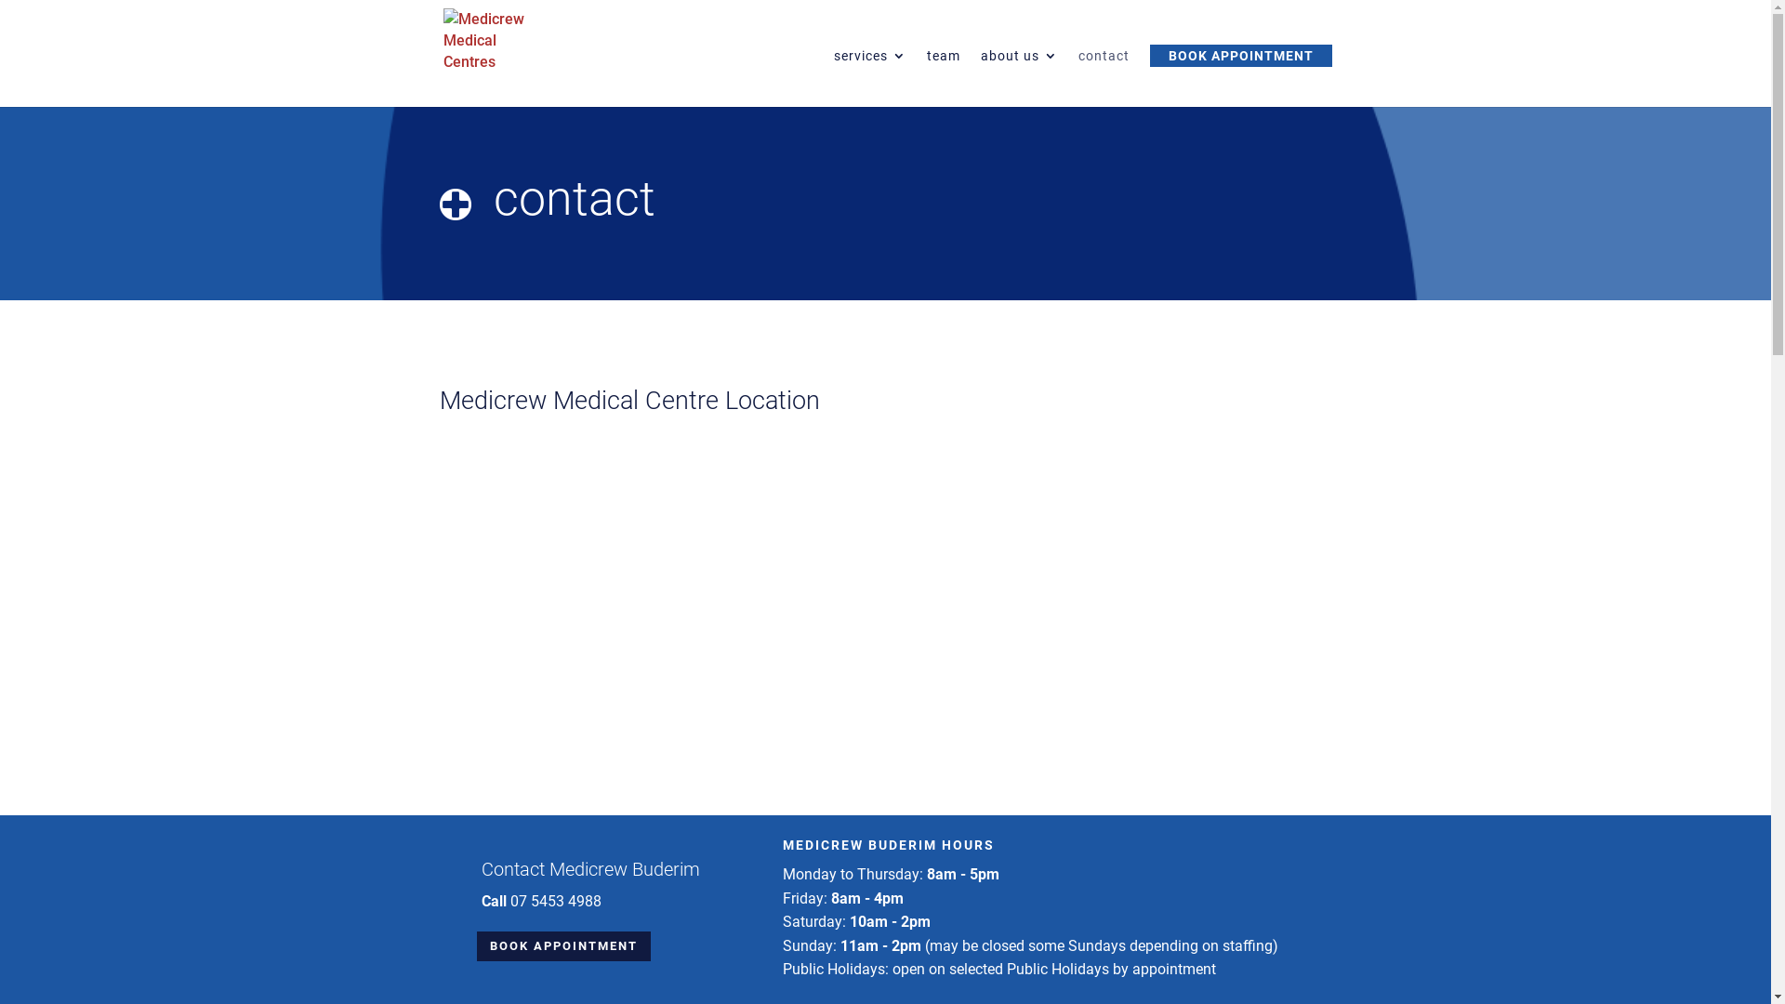  What do you see at coordinates (1017, 77) in the screenshot?
I see `'about us'` at bounding box center [1017, 77].